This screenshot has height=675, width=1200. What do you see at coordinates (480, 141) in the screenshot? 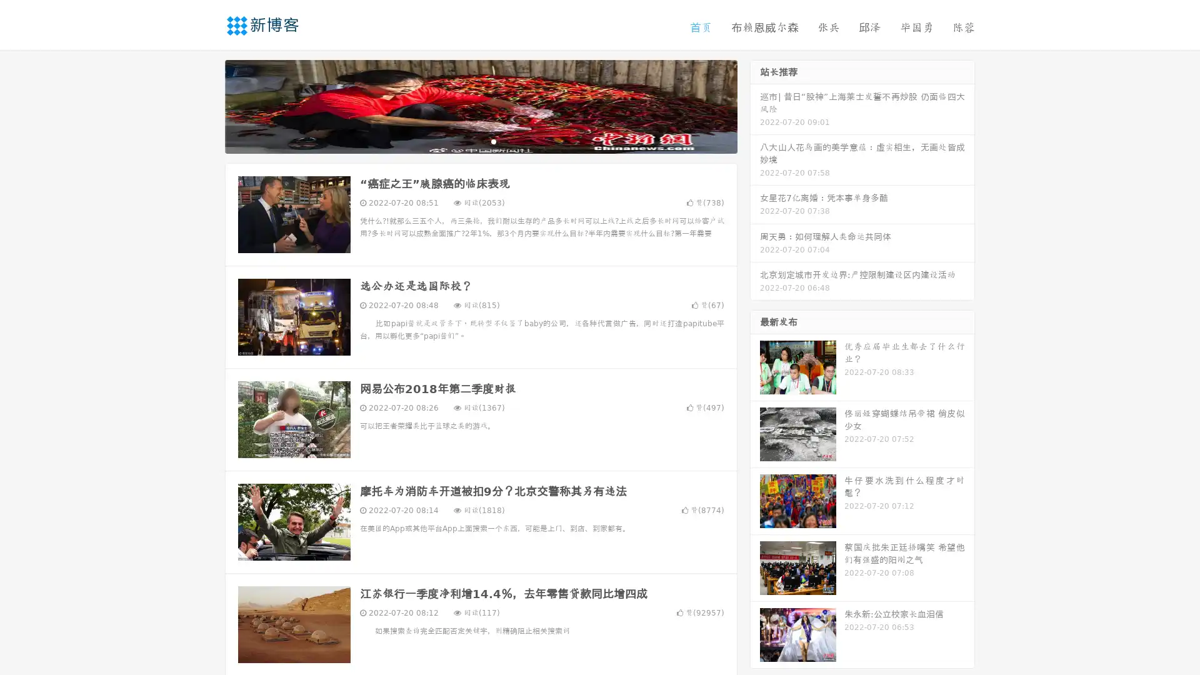
I see `Go to slide 2` at bounding box center [480, 141].